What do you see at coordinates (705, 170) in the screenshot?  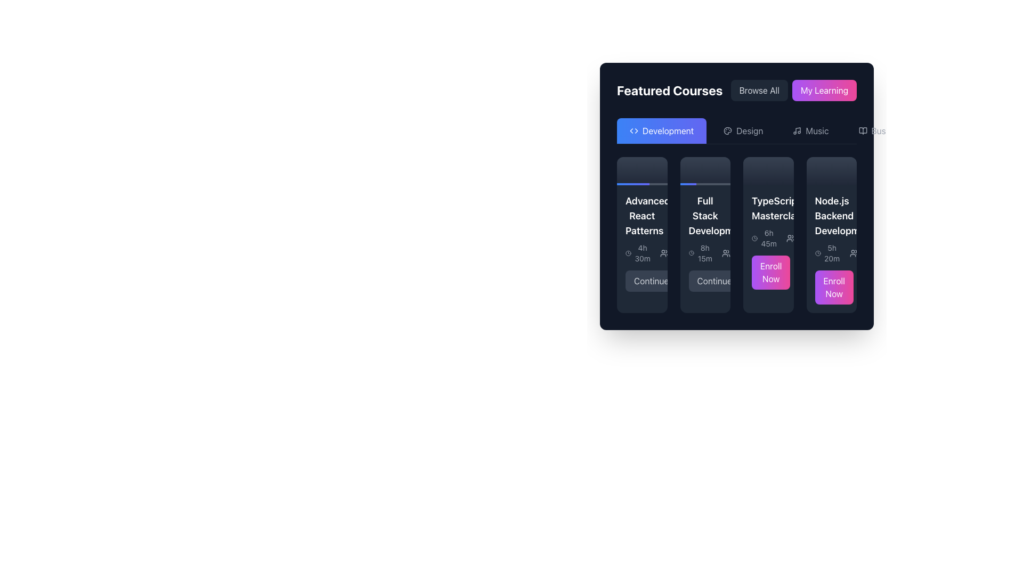 I see `the interactive multimedia placeholder or video thumbnail with a dark gray background located at the top of the 'Full Stack Development' card in the 'Featured Courses' section` at bounding box center [705, 170].